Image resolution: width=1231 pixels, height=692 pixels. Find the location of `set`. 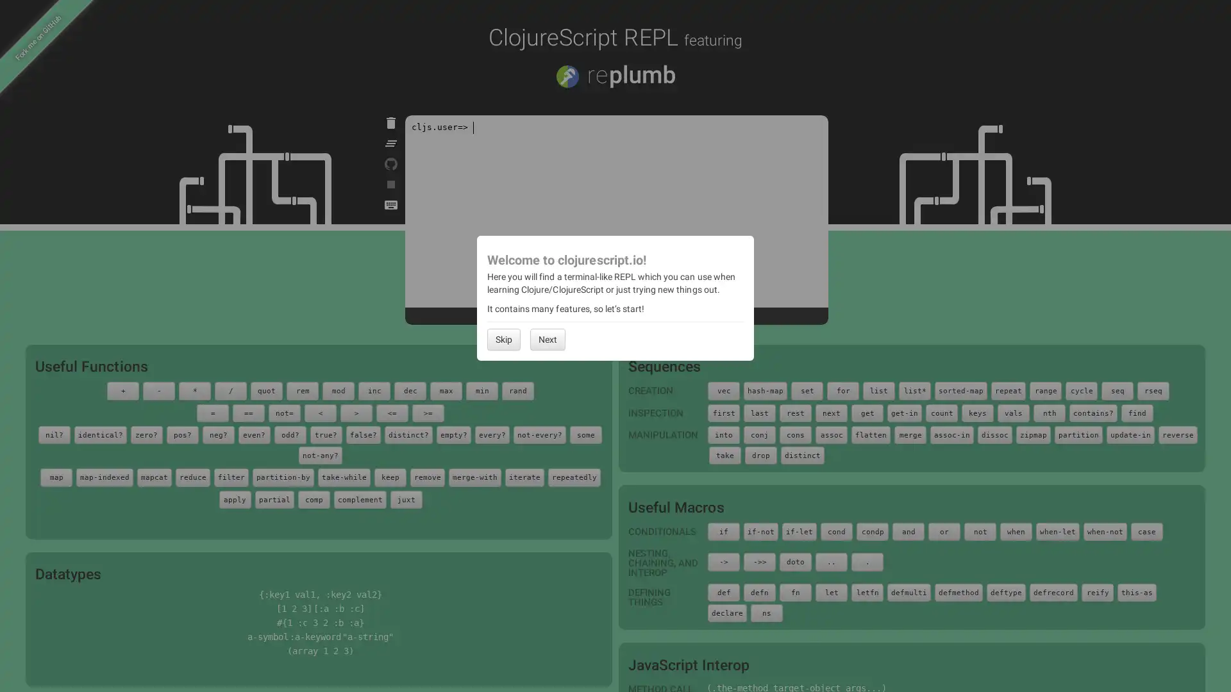

set is located at coordinates (806, 390).